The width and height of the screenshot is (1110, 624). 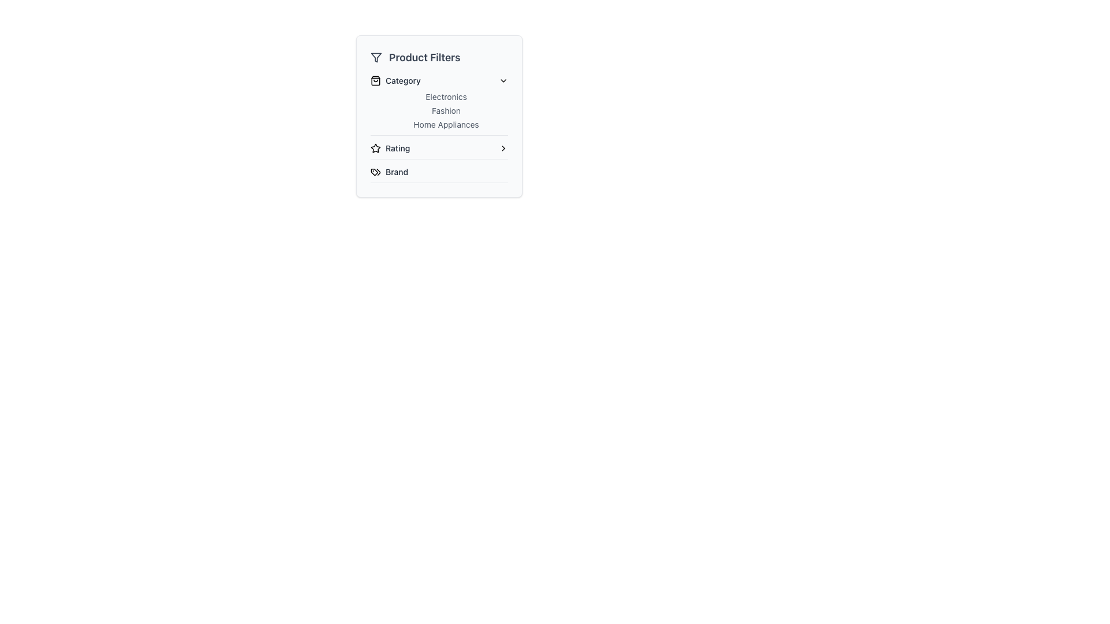 What do you see at coordinates (398, 148) in the screenshot?
I see `the 'Rating' text label, which is a medium-sized gray font located in the product filter sidebar, positioned next to a star icon` at bounding box center [398, 148].